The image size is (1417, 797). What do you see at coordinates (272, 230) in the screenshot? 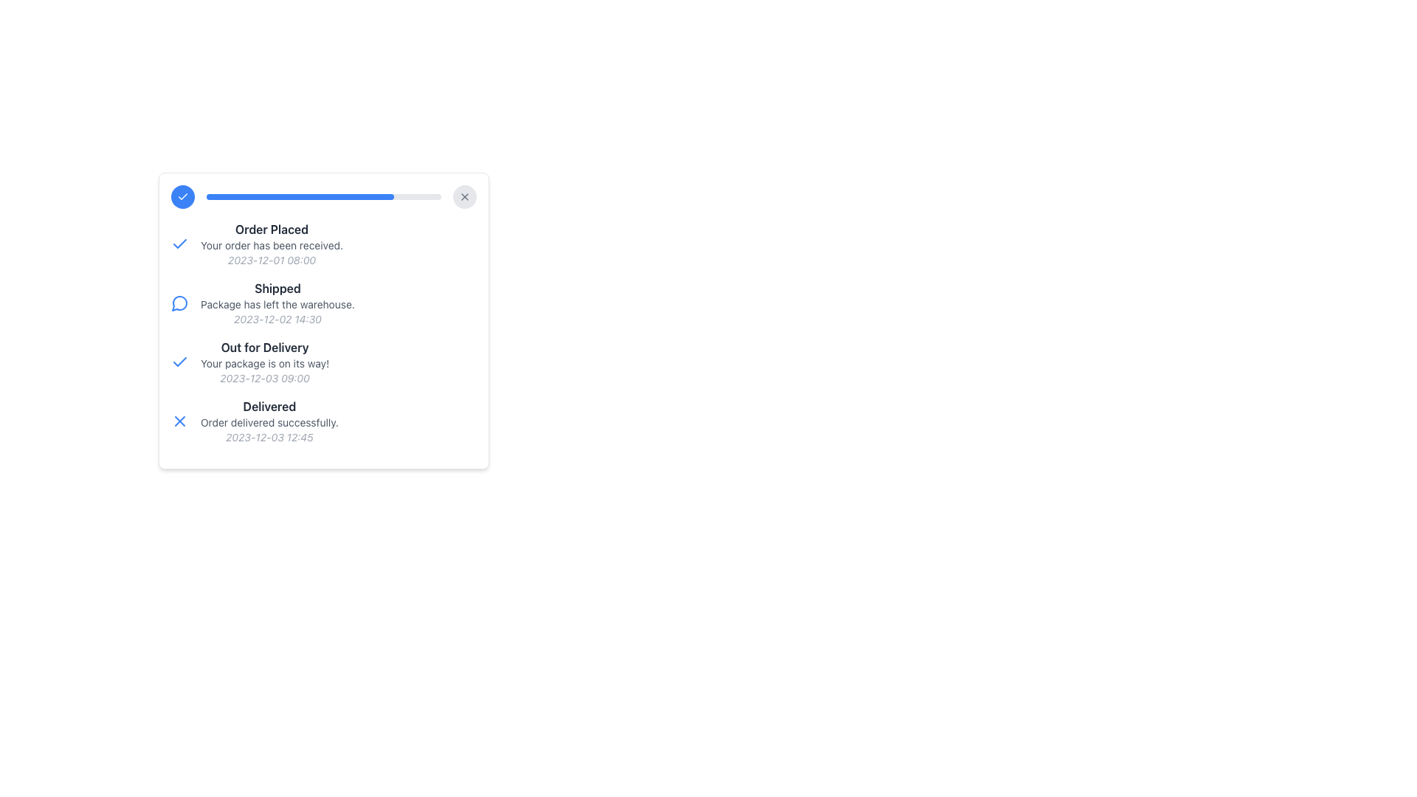
I see `the informational text label indicating the first stage in the order status progress, located at the top of the list in the progress tracking interface` at bounding box center [272, 230].